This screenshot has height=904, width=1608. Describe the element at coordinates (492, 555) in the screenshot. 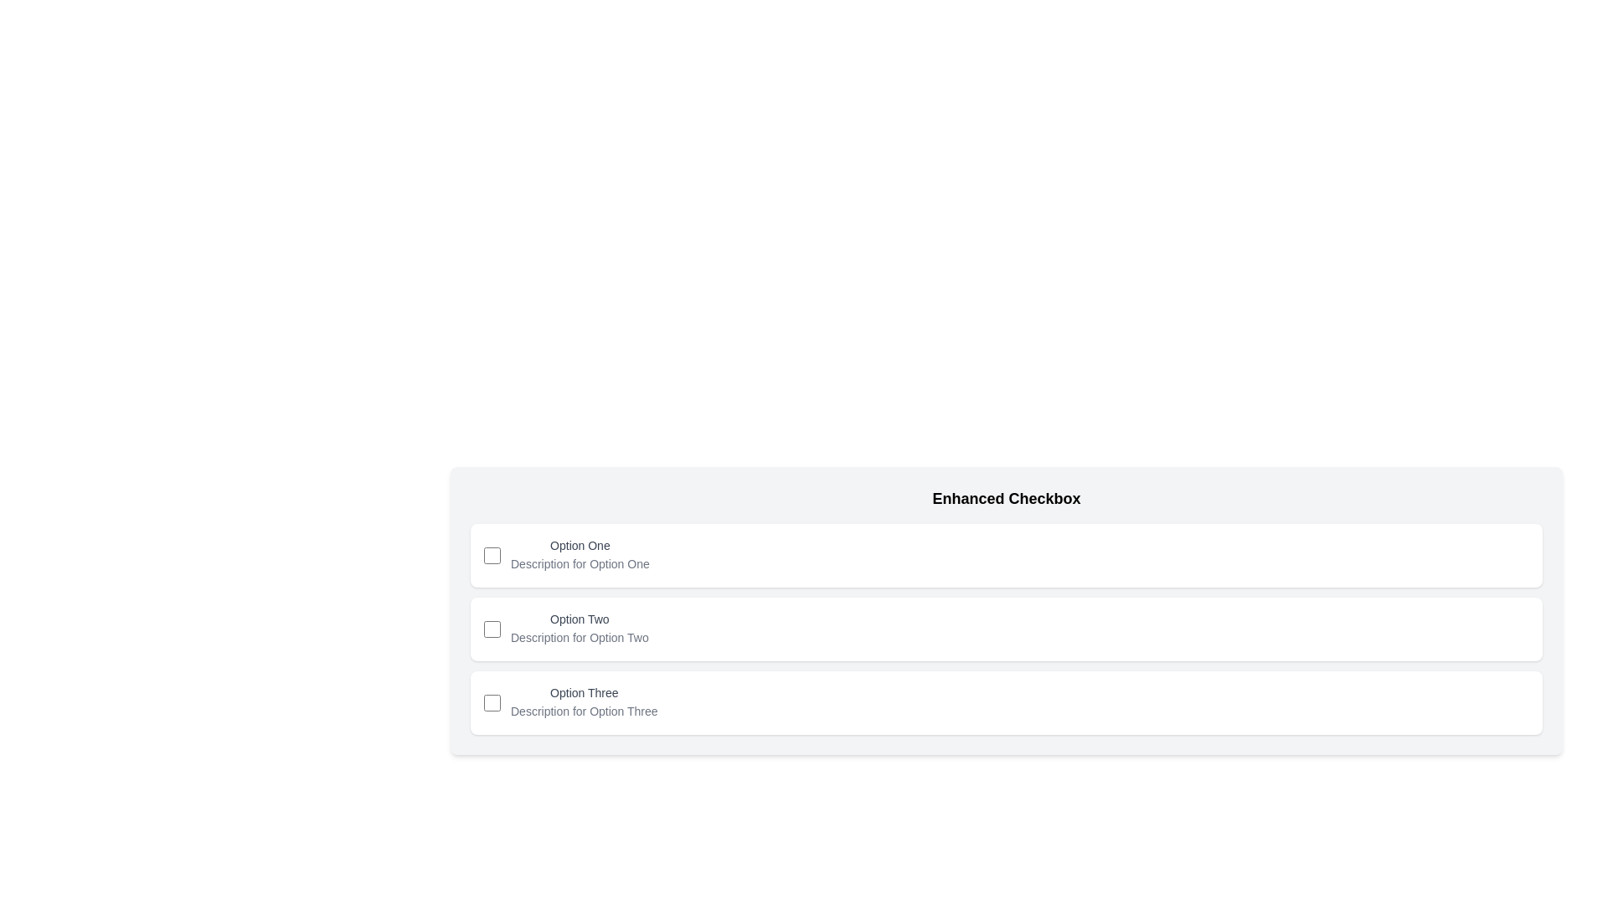

I see `the checkbox` at that location.